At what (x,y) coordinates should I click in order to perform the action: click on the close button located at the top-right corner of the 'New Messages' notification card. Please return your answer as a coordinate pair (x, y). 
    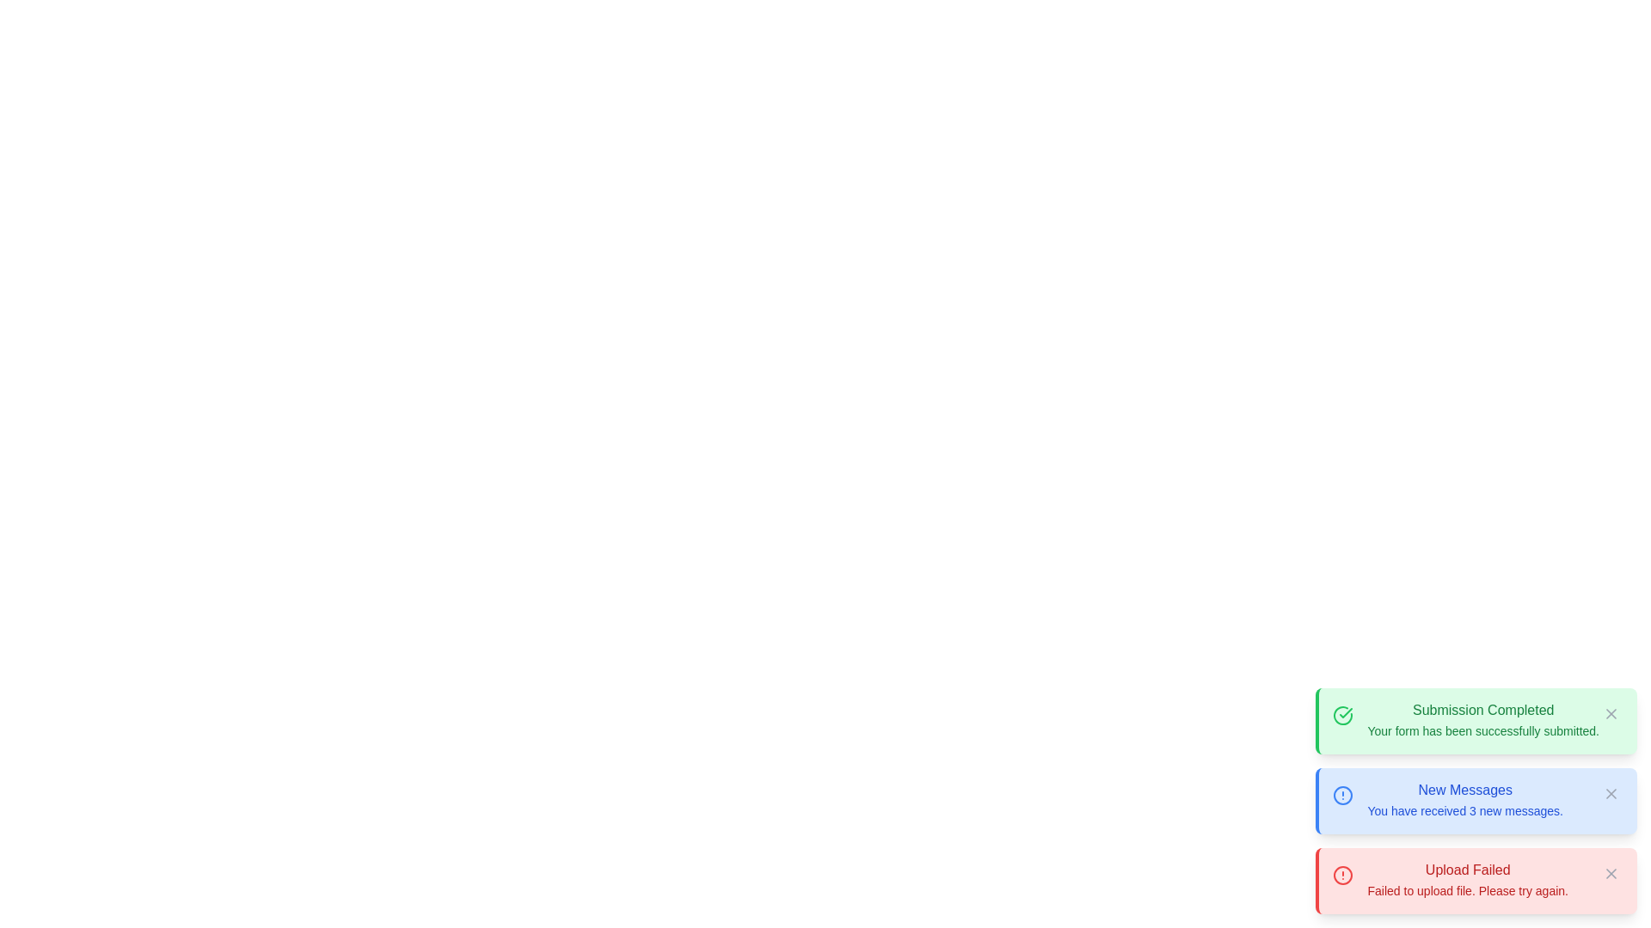
    Looking at the image, I should click on (1610, 794).